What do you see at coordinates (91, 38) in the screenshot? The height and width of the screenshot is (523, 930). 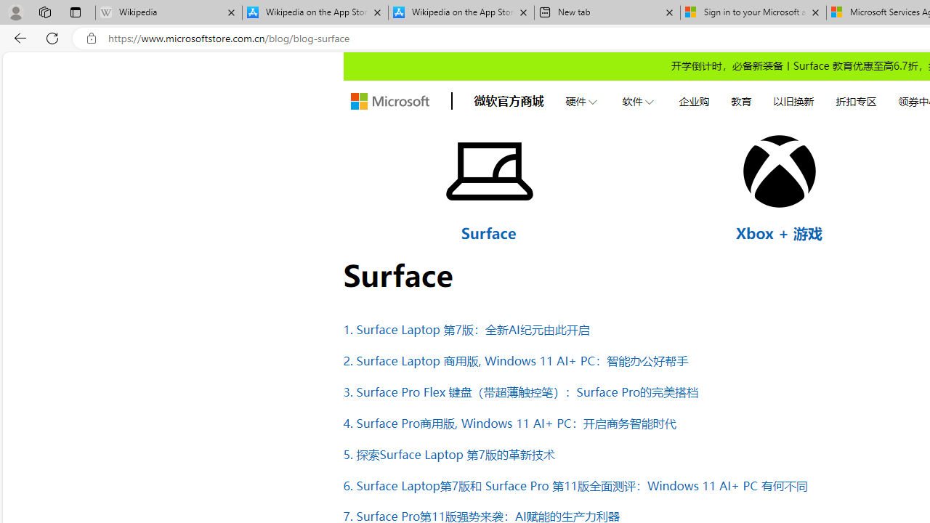 I see `'View site information'` at bounding box center [91, 38].